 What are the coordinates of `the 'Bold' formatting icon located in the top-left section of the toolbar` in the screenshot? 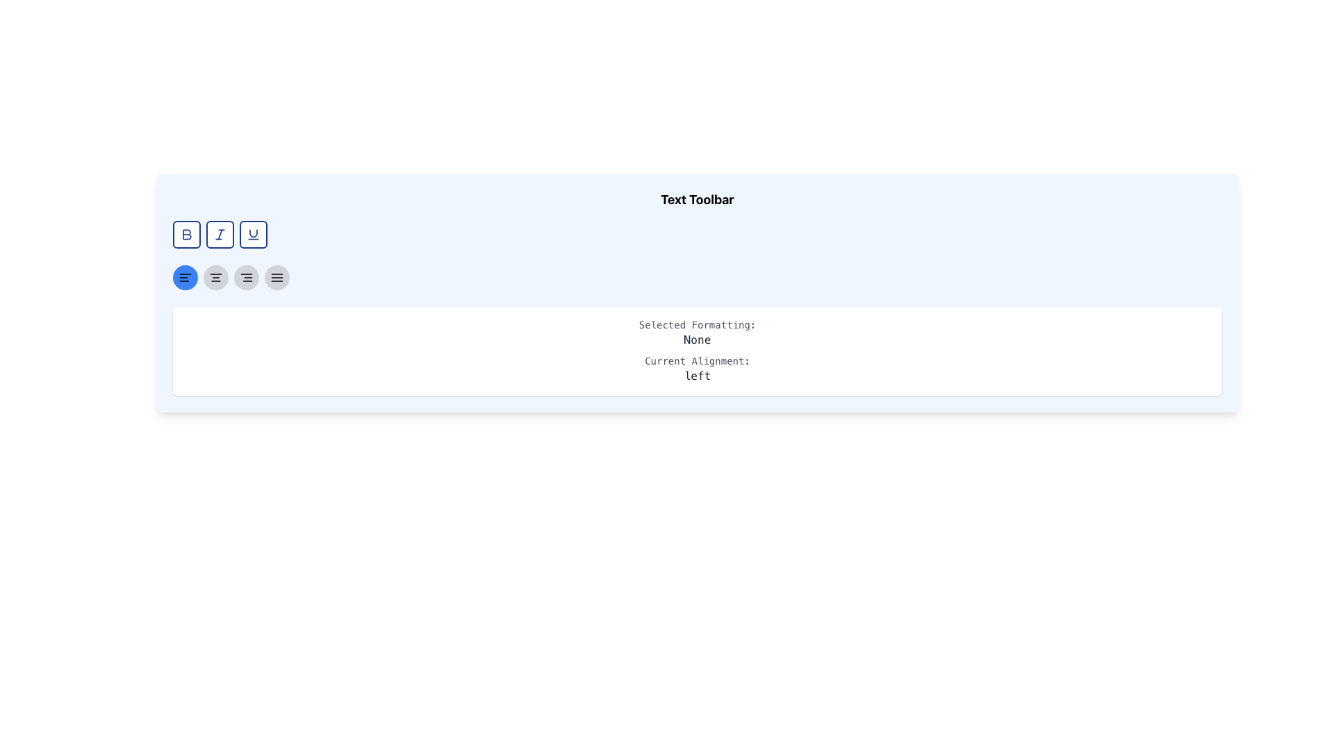 It's located at (186, 234).